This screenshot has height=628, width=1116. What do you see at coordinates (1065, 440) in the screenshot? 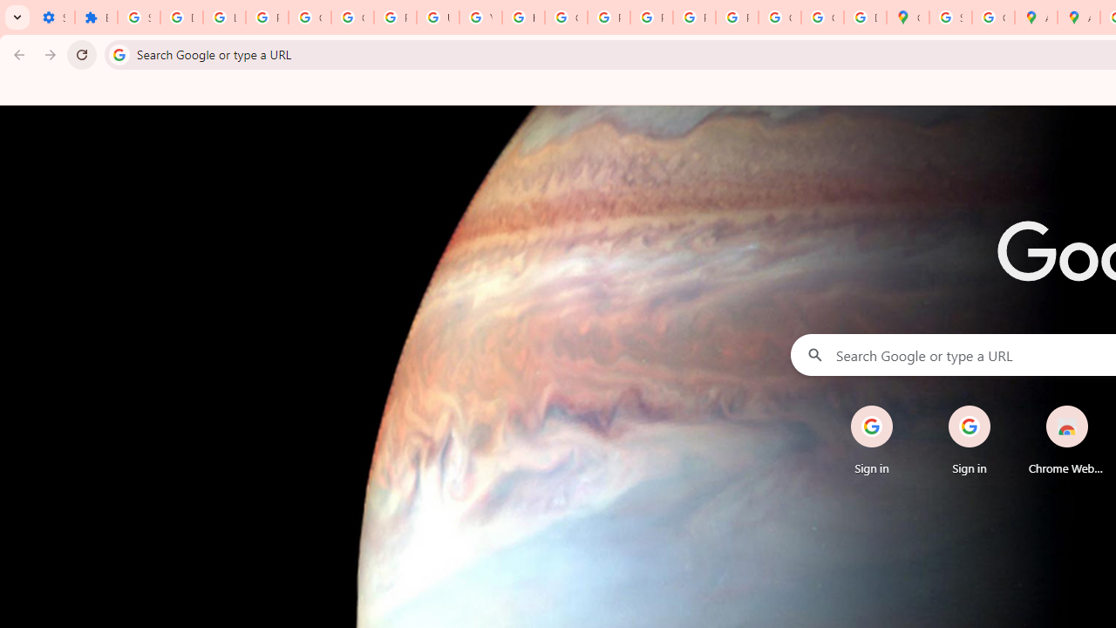
I see `'Chrome Web Store'` at bounding box center [1065, 440].